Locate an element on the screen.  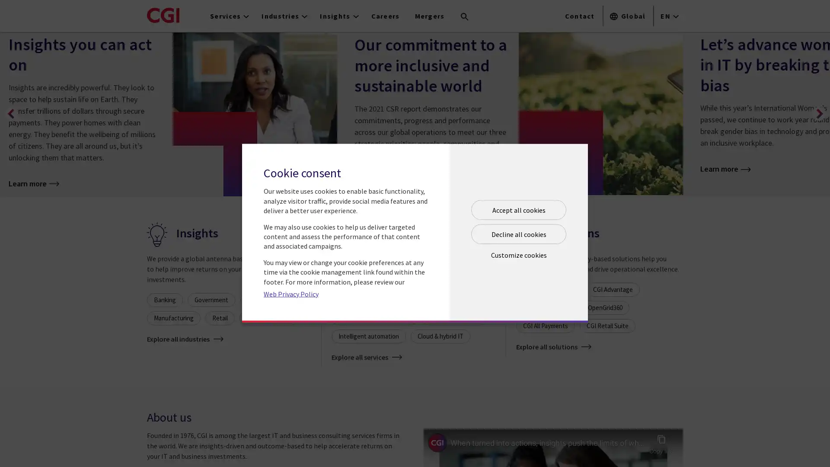
Decline all cookies is located at coordinates (519, 233).